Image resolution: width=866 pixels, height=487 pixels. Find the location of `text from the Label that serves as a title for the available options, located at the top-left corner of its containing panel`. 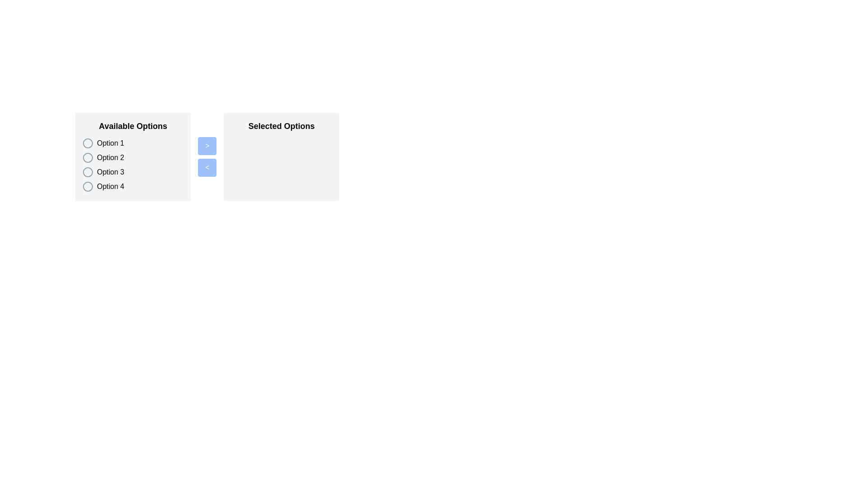

text from the Label that serves as a title for the available options, located at the top-left corner of its containing panel is located at coordinates (132, 126).